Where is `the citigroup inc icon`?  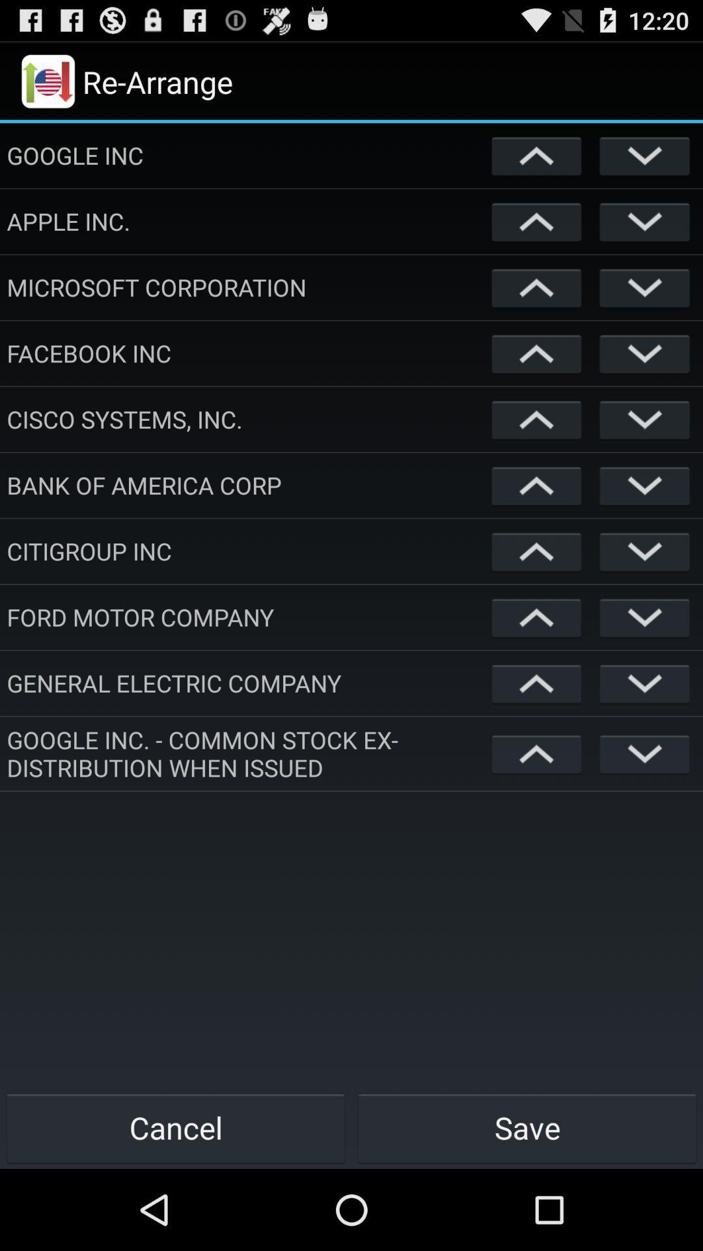 the citigroup inc icon is located at coordinates (246, 551).